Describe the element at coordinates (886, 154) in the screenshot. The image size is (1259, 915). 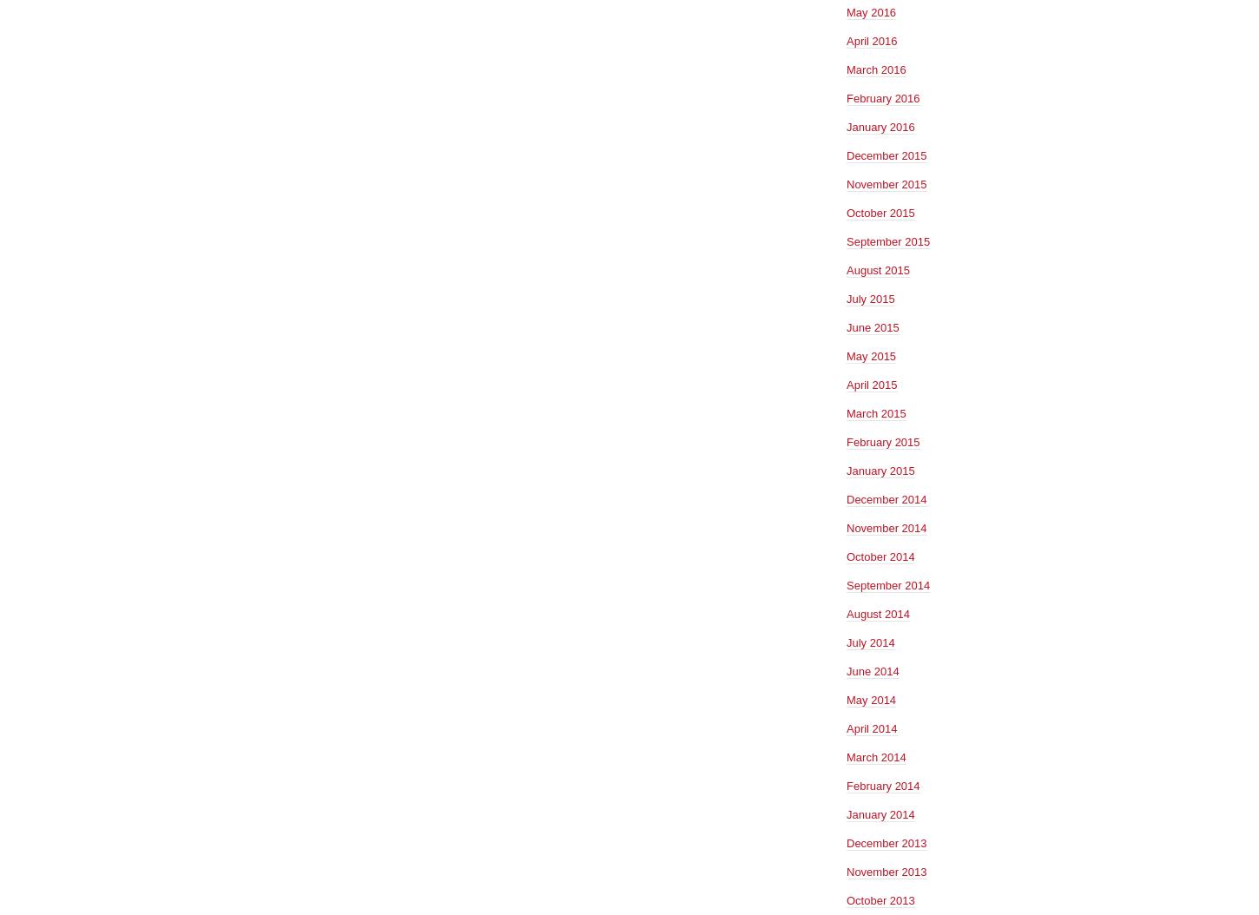
I see `'December 2015'` at that location.